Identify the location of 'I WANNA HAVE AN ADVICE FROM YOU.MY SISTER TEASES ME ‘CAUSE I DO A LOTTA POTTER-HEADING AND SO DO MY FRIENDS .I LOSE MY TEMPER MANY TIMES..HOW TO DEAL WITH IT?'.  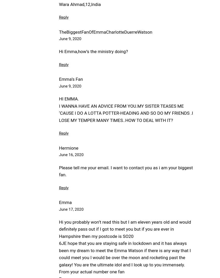
(126, 113).